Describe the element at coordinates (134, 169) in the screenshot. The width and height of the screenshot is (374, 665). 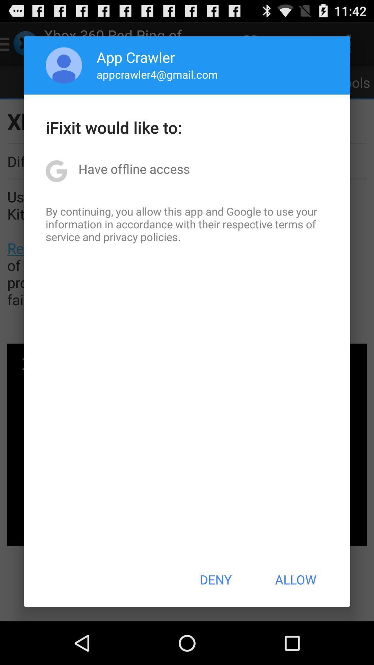
I see `icon below the ifixit would like icon` at that location.